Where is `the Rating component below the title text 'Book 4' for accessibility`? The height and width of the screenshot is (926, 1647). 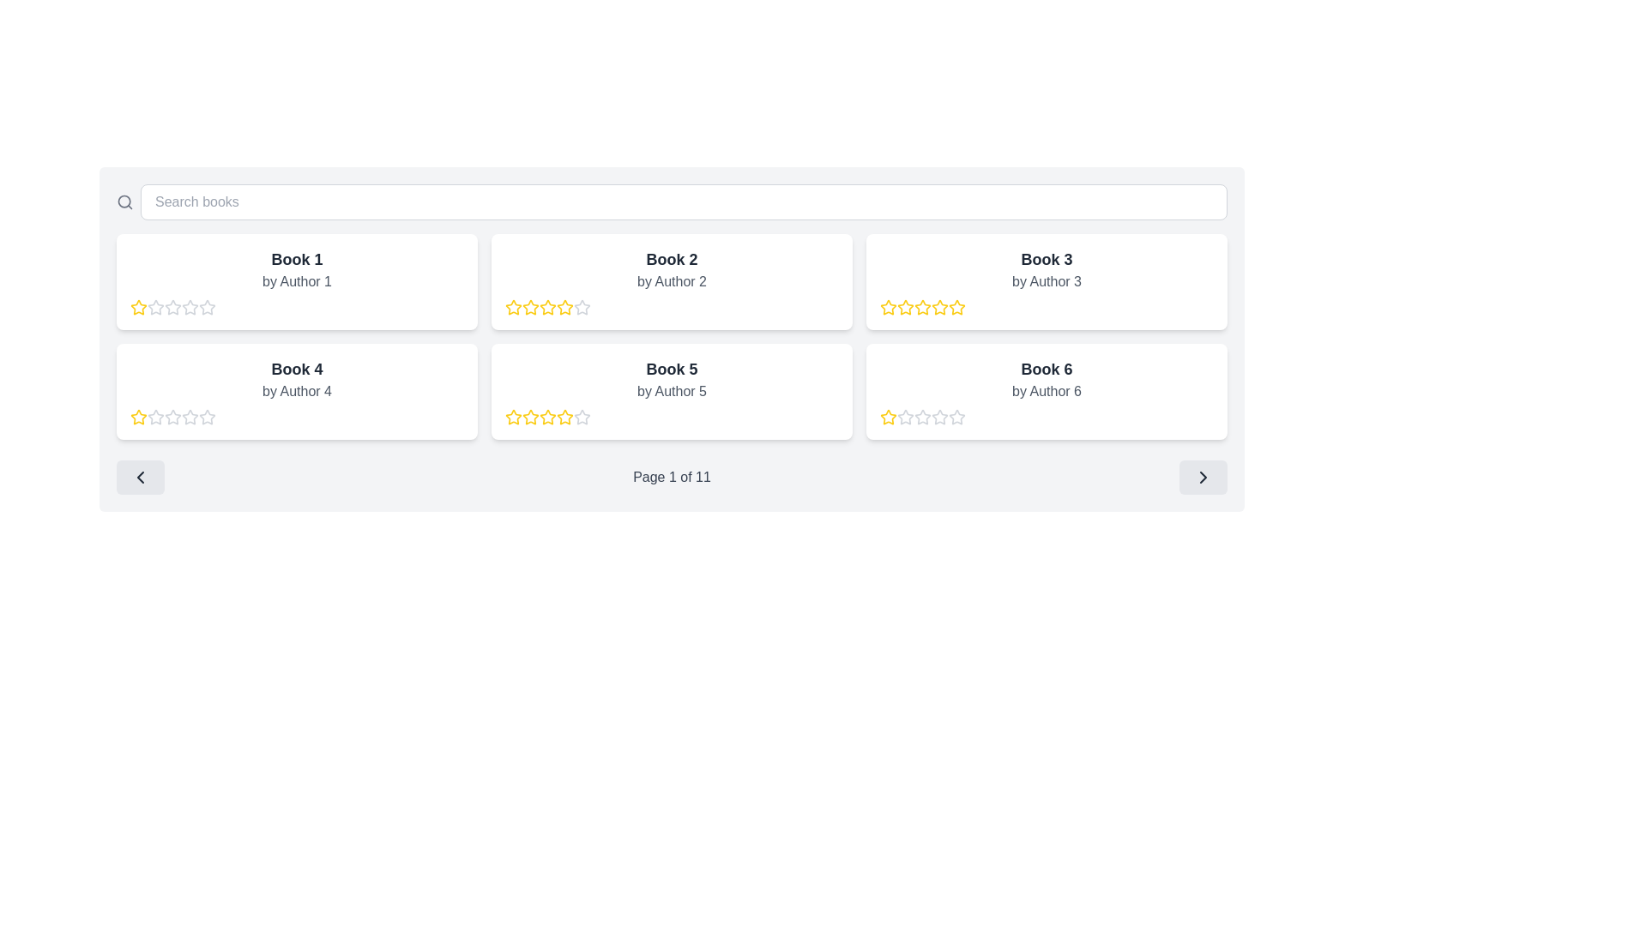 the Rating component below the title text 'Book 4' for accessibility is located at coordinates (297, 417).